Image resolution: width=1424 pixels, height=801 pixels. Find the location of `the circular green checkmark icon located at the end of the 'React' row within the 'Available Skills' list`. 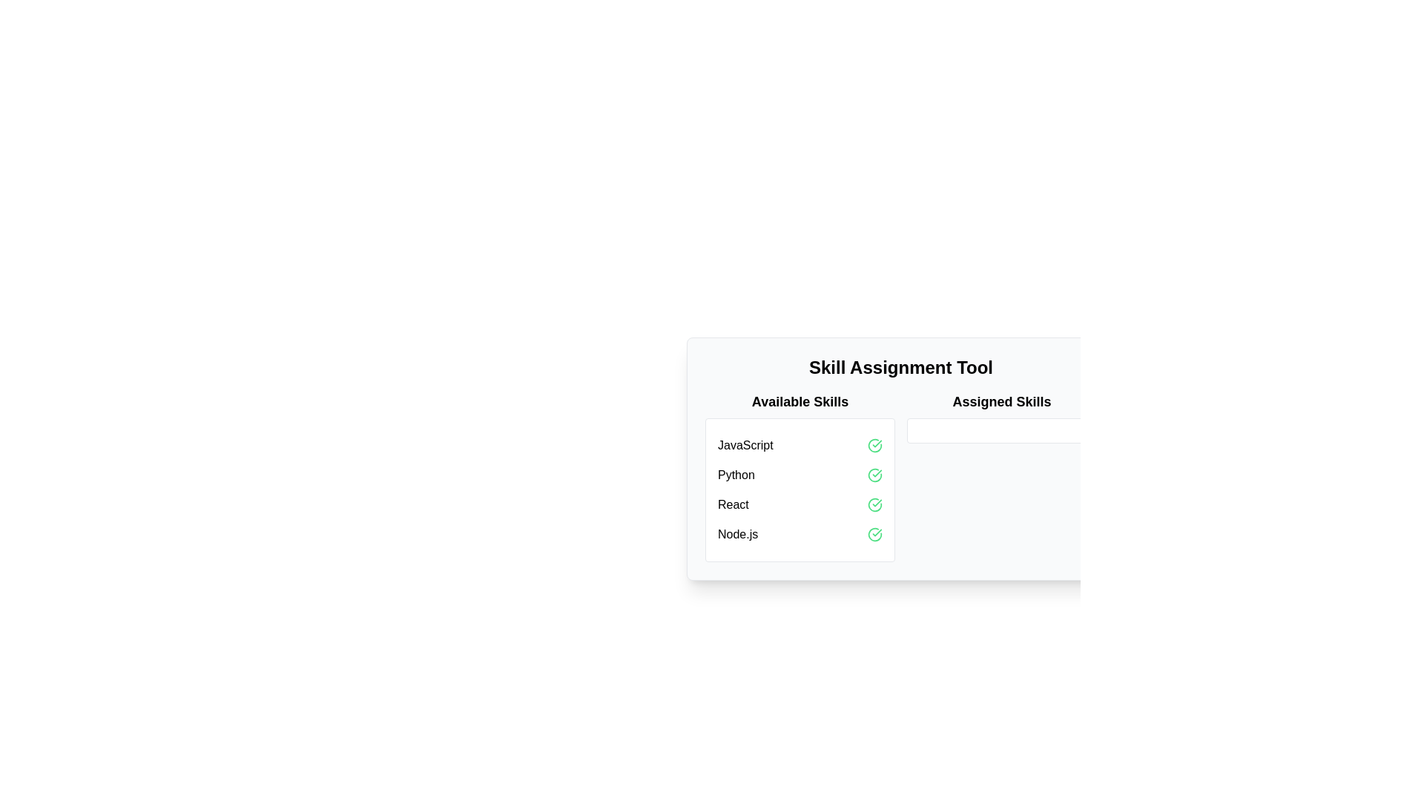

the circular green checkmark icon located at the end of the 'React' row within the 'Available Skills' list is located at coordinates (875, 504).